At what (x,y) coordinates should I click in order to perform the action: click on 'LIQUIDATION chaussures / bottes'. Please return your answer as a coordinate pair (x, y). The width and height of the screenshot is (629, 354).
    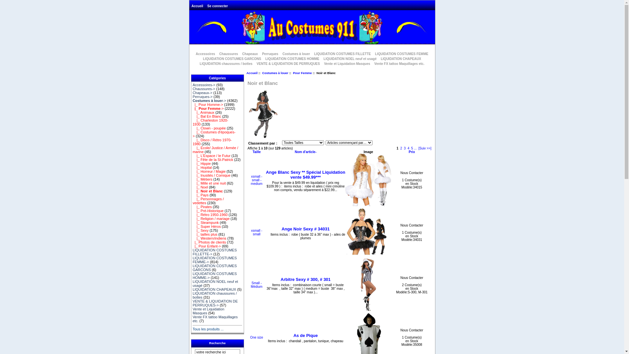
    Looking at the image, I should click on (226, 64).